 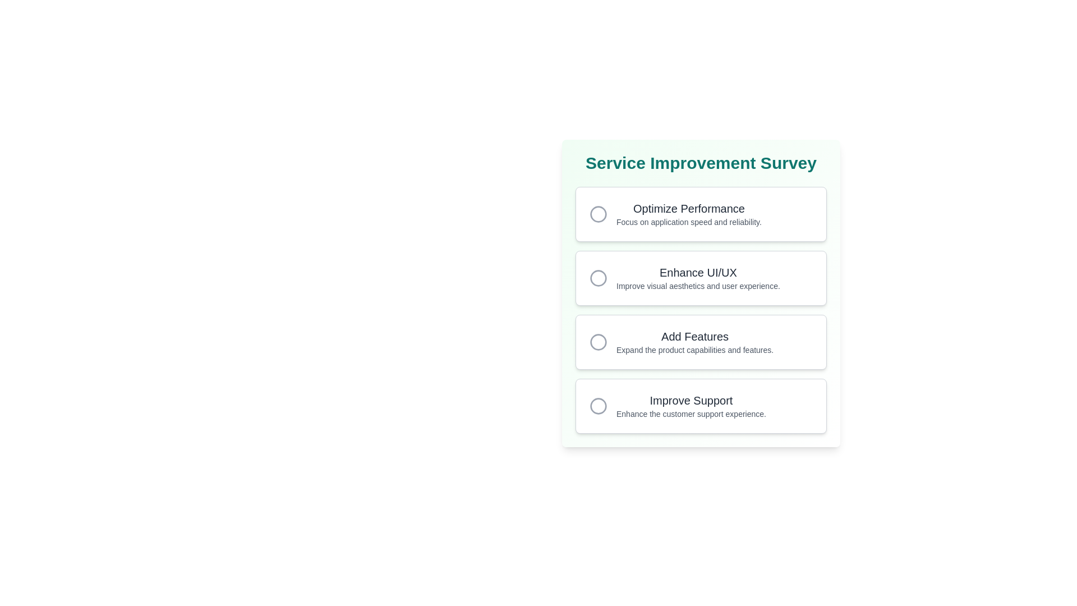 I want to click on displayed text of the second option in the survey, which is located directly beneath 'Optimize Performance' and above 'Add Features', in a vertical list of four cards, so click(x=697, y=278).